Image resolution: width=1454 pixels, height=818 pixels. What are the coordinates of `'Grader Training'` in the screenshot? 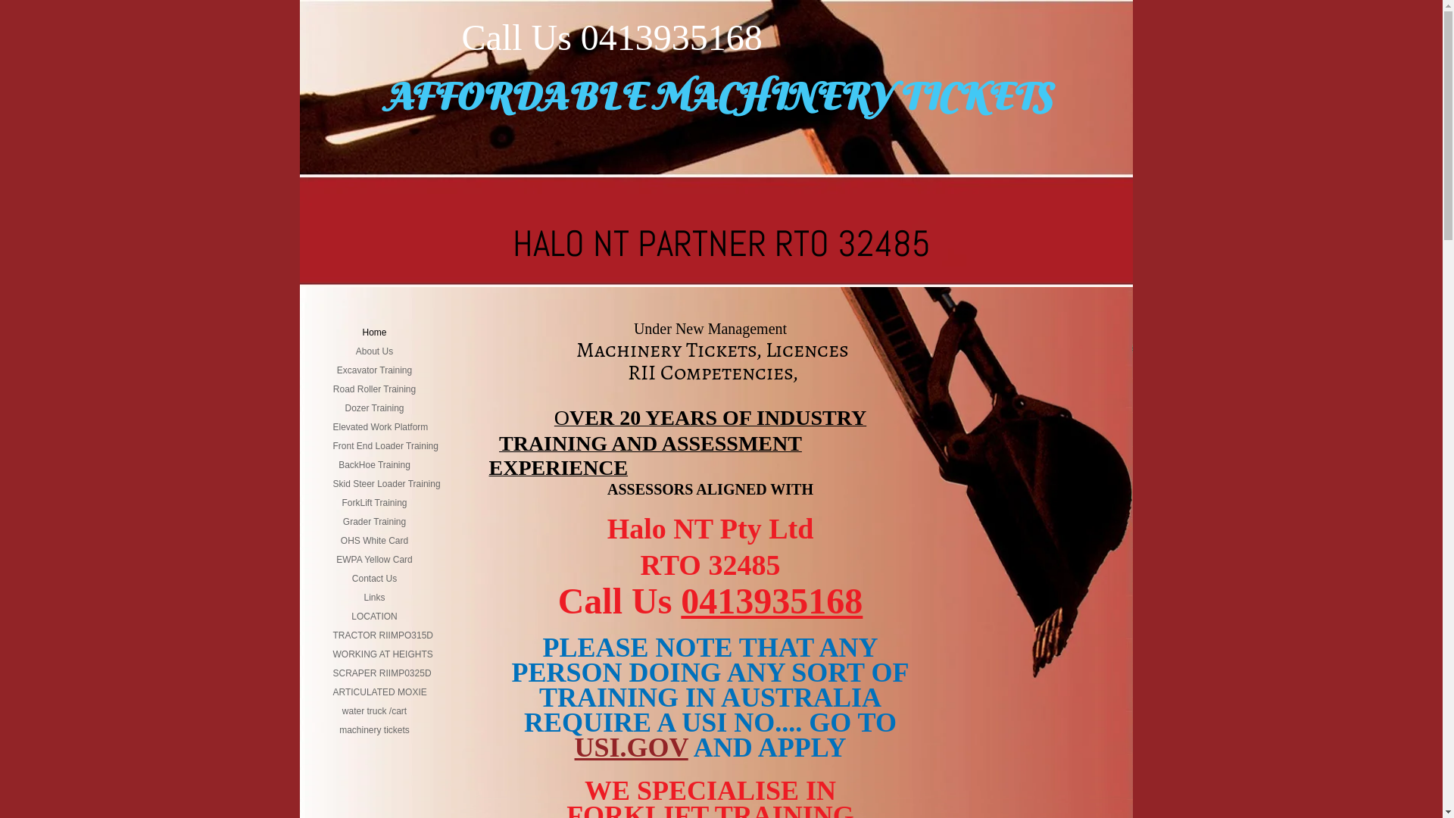 It's located at (334, 521).